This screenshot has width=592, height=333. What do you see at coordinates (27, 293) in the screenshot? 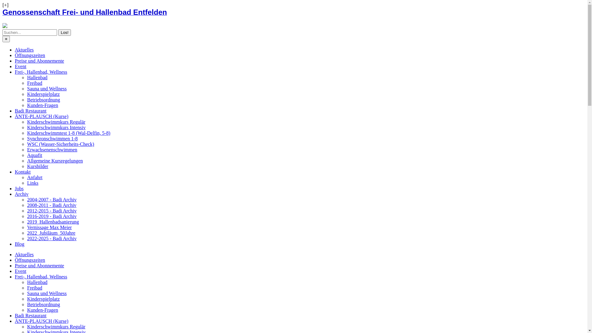
I see `'Sauna und Wellness'` at bounding box center [27, 293].